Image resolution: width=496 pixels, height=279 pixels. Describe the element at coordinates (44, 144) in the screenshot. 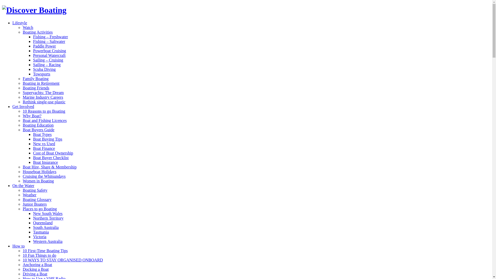

I see `'New vs Used'` at that location.